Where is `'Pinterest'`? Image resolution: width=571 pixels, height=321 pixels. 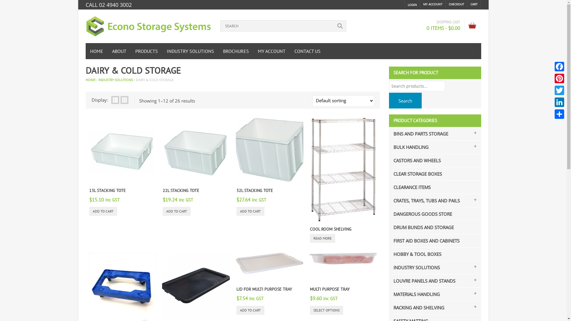 'Pinterest' is located at coordinates (559, 78).